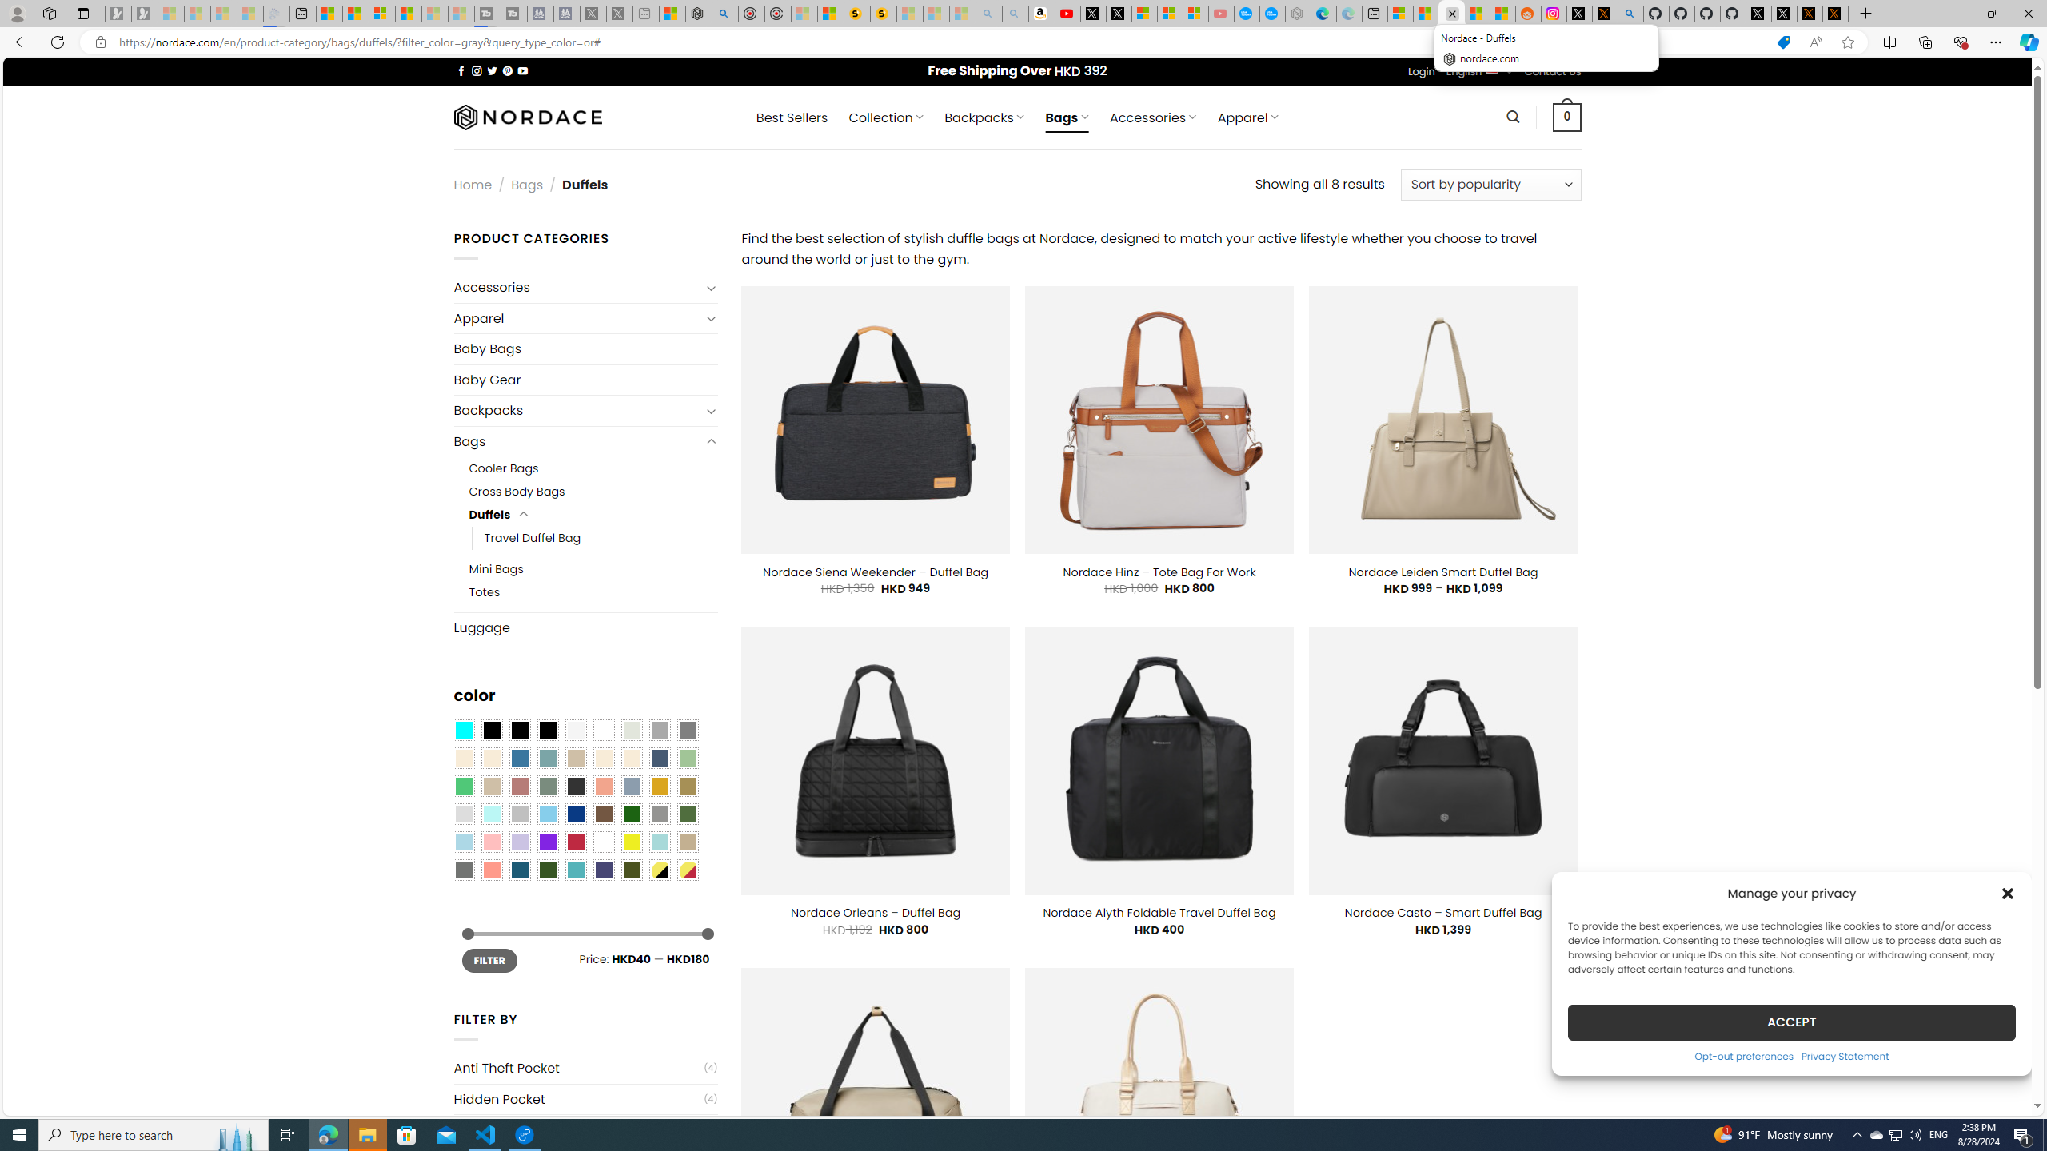 This screenshot has width=2047, height=1151. I want to click on 'Light Purple', so click(519, 842).